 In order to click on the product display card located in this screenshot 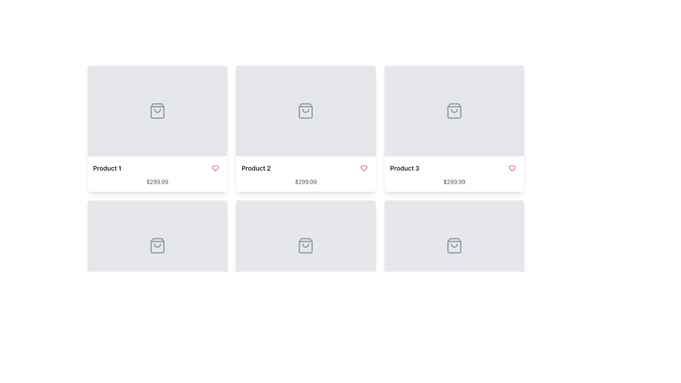, I will do `click(454, 263)`.